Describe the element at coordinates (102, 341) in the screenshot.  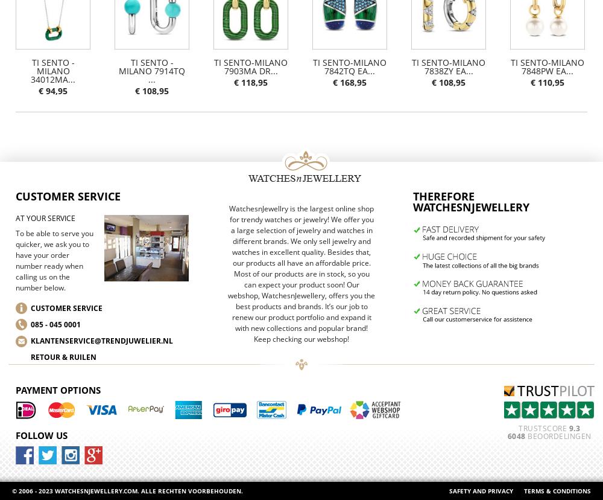
I see `'klantenservice@trendjuwelier.nl'` at that location.